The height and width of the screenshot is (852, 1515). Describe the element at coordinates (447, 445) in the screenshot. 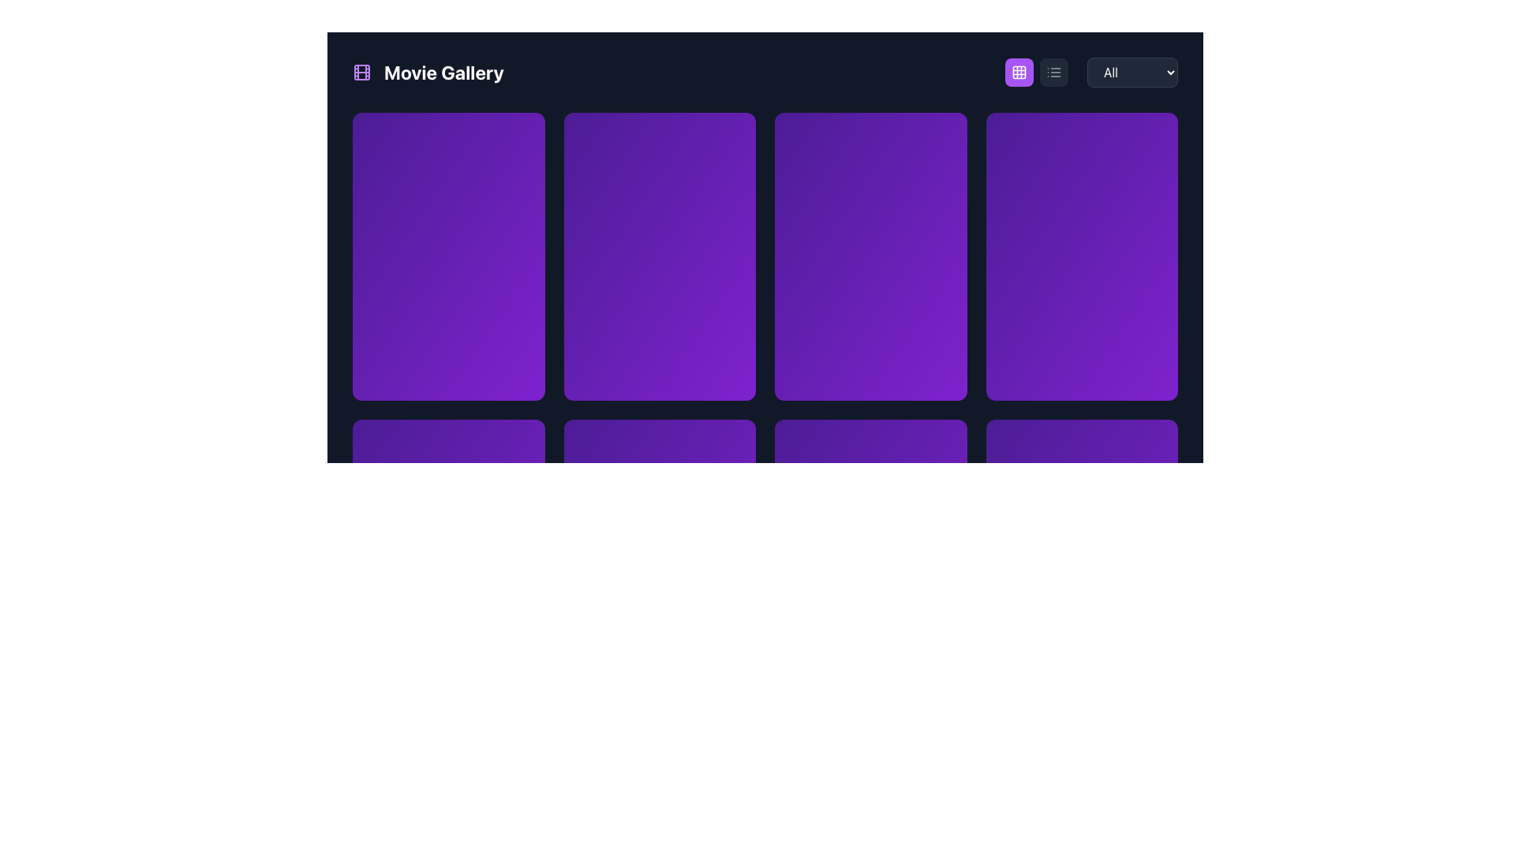

I see `the decorative indicator located at the bottom edge of the rectangular purple tile in the second row and first column of the grid layout` at that location.